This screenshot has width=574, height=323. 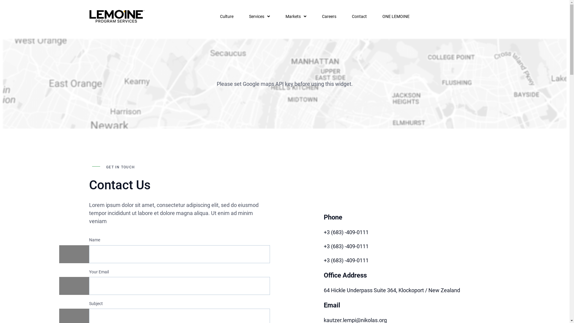 I want to click on 'Contact', so click(x=359, y=16).